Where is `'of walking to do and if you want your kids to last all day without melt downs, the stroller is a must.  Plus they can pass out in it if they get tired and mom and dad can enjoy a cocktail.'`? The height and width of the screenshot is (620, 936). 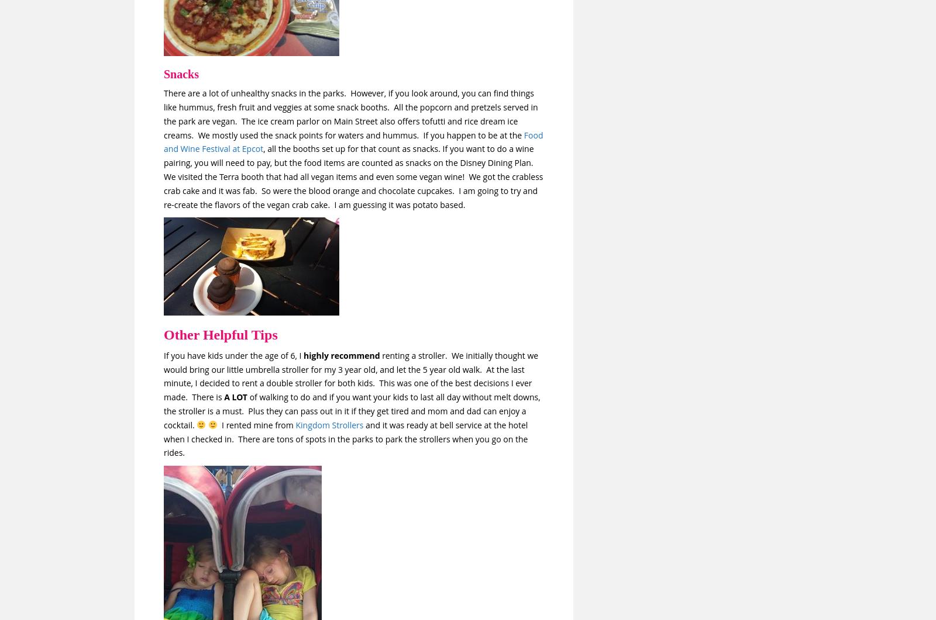
'of walking to do and if you want your kids to last all day without melt downs, the stroller is a must.  Plus they can pass out in it if they get tired and mom and dad can enjoy a cocktail.' is located at coordinates (352, 410).